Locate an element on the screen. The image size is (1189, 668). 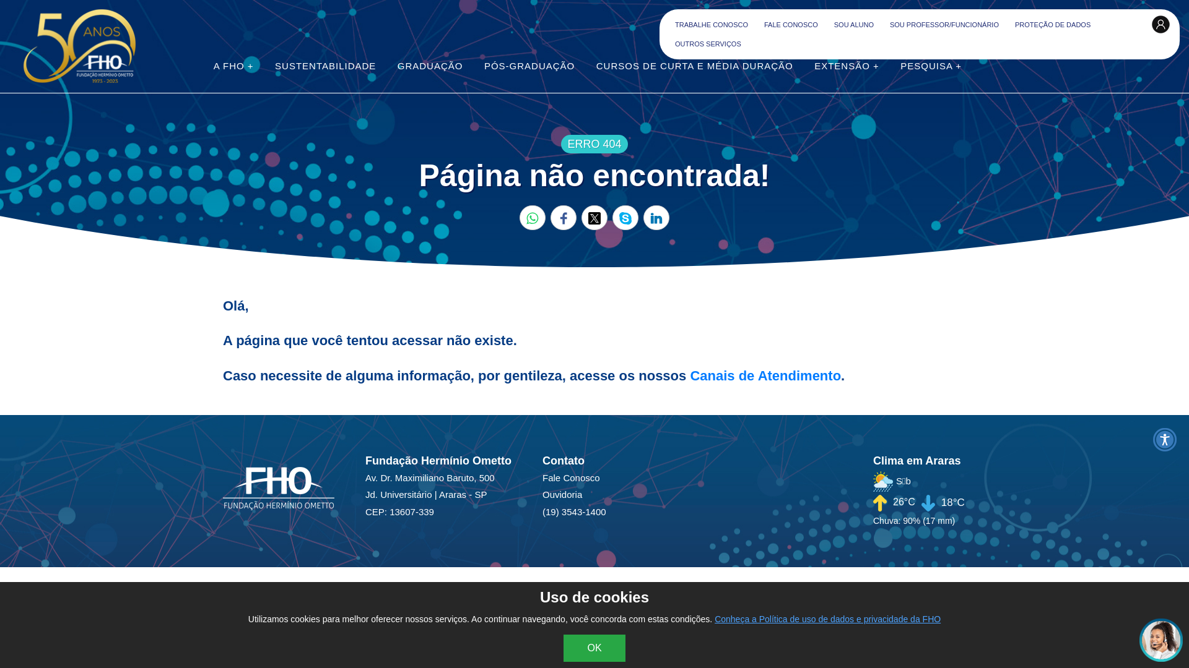
'(19) 3543-1400' is located at coordinates (575, 510).